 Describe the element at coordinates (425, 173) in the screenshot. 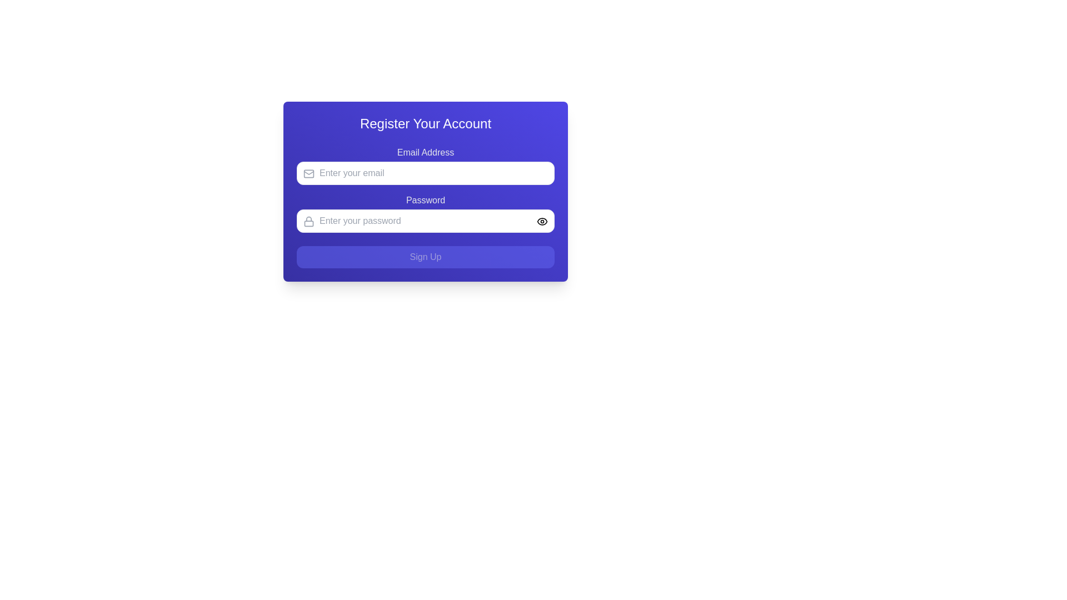

I see `the email input field located directly underneath the 'Email Address' label in the user registration form` at that location.